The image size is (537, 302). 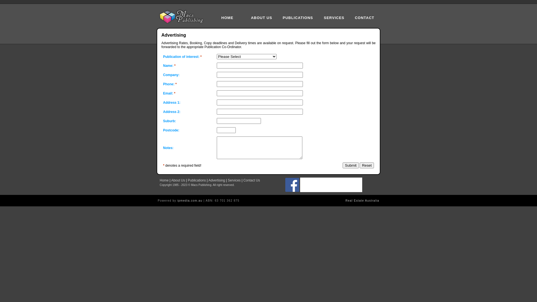 What do you see at coordinates (183, 16) in the screenshot?
I see `'Macs Publishing'` at bounding box center [183, 16].